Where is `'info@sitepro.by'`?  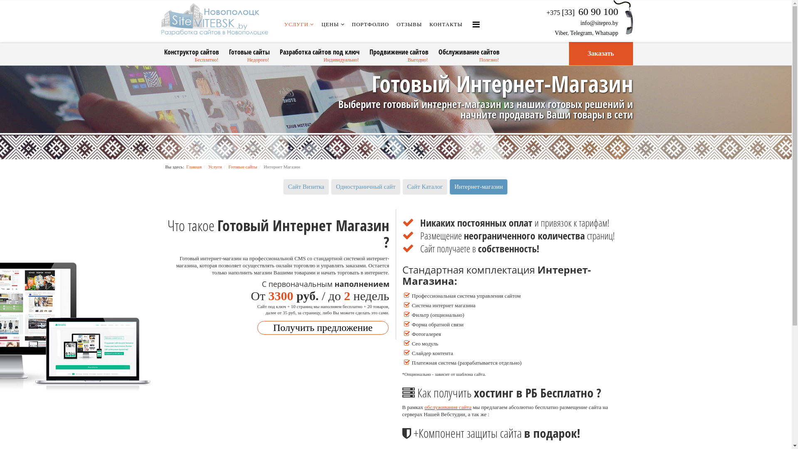 'info@sitepro.by' is located at coordinates (599, 22).